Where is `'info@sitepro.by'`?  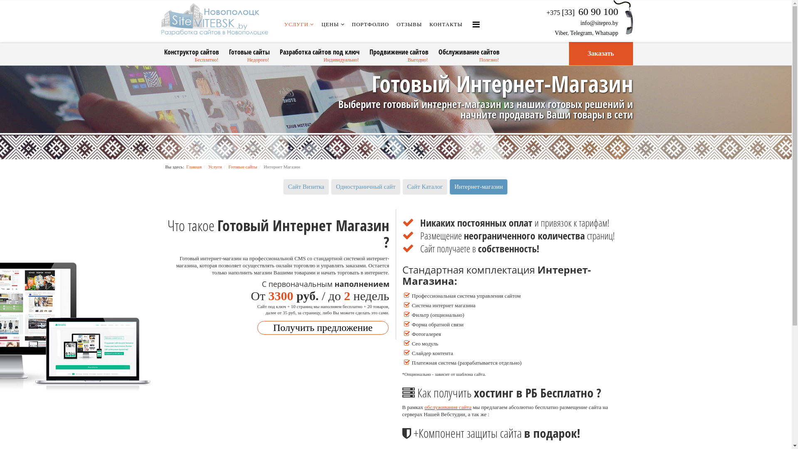 'info@sitepro.by' is located at coordinates (599, 22).